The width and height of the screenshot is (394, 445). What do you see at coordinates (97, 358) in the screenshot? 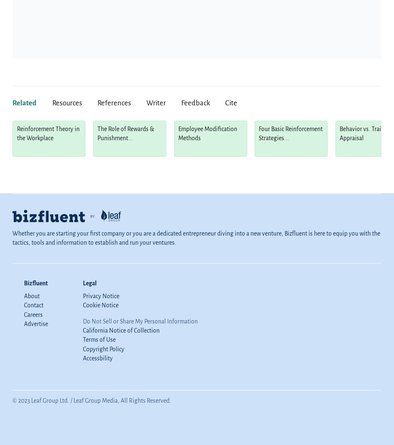
I see `'Accessbility'` at bounding box center [97, 358].